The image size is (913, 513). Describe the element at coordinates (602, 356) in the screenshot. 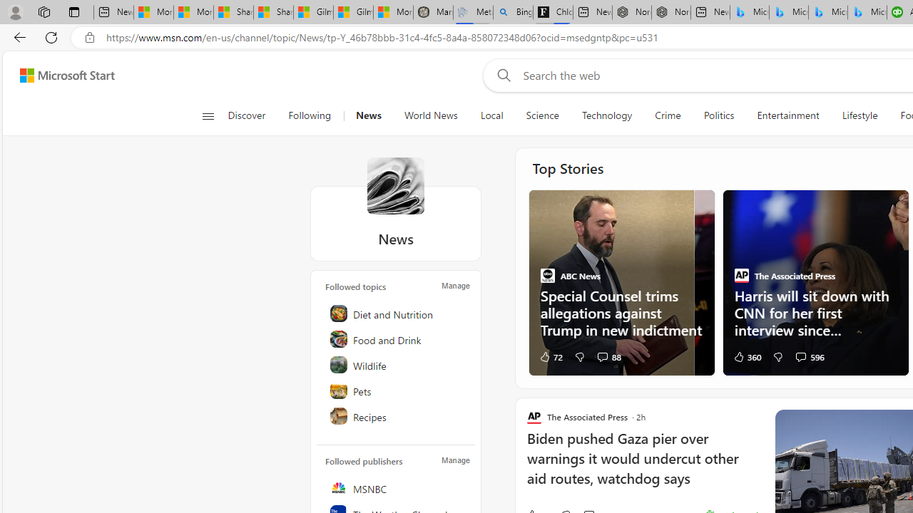

I see `'View comments 88 Comment'` at that location.